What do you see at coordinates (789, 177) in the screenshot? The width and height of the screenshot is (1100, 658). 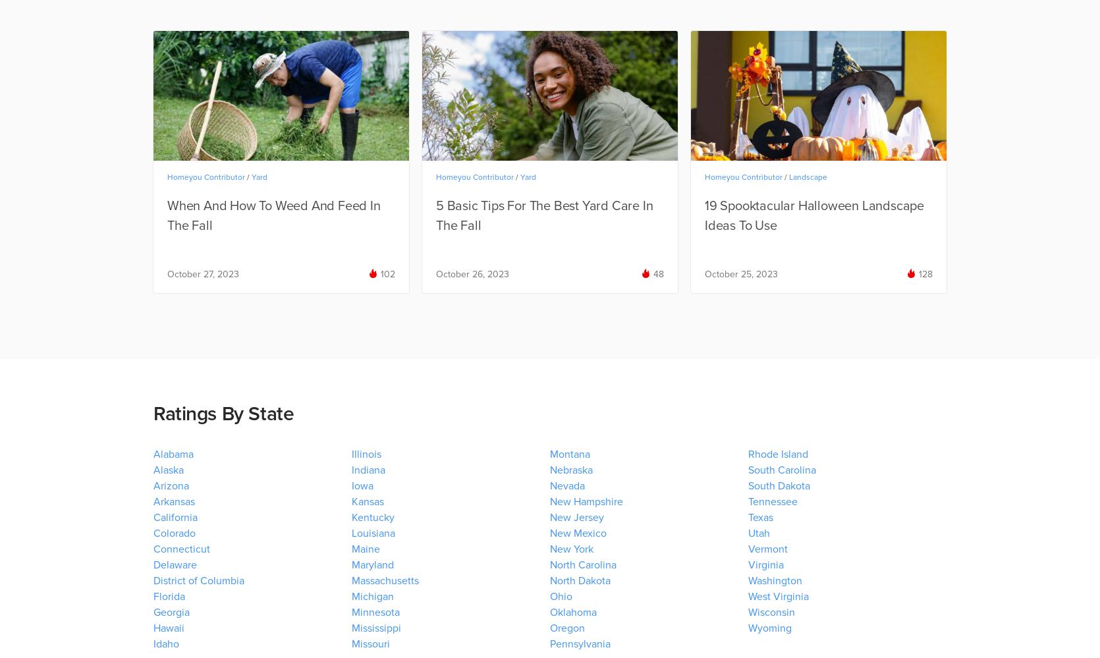 I see `'Landscape'` at bounding box center [789, 177].